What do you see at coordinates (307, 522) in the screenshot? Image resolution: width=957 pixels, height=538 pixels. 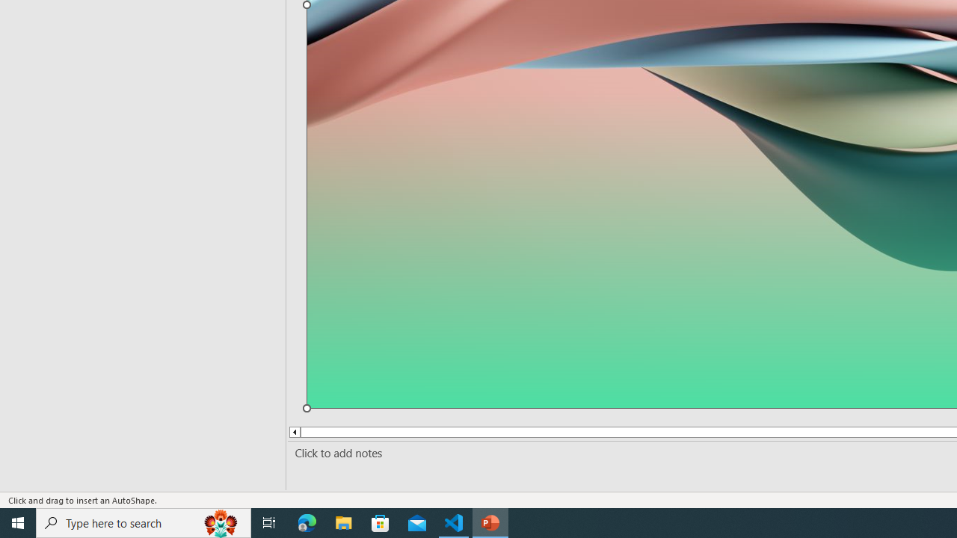 I see `'Microsoft Edge'` at bounding box center [307, 522].